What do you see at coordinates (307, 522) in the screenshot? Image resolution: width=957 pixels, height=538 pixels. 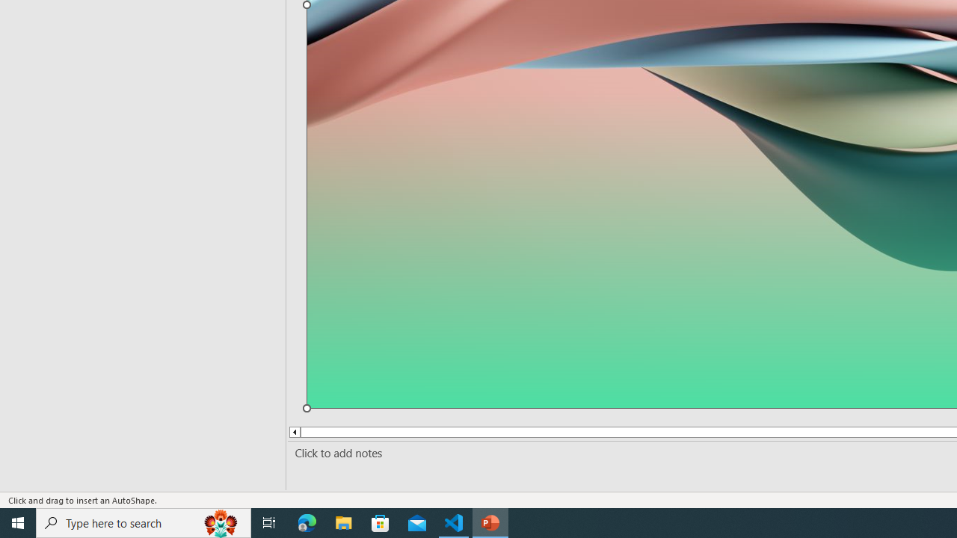 I see `'Microsoft Edge'` at bounding box center [307, 522].